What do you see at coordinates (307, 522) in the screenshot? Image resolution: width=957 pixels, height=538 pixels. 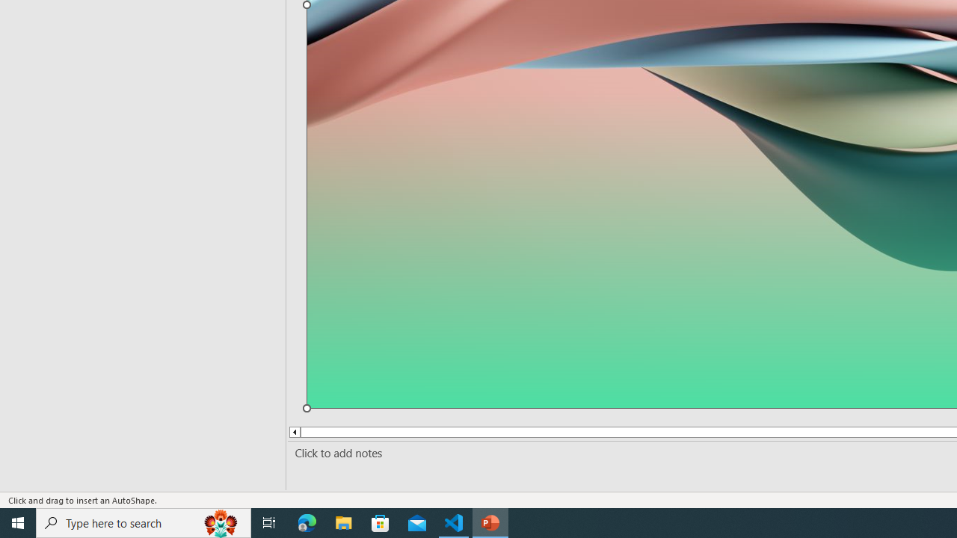 I see `'Microsoft Edge'` at bounding box center [307, 522].